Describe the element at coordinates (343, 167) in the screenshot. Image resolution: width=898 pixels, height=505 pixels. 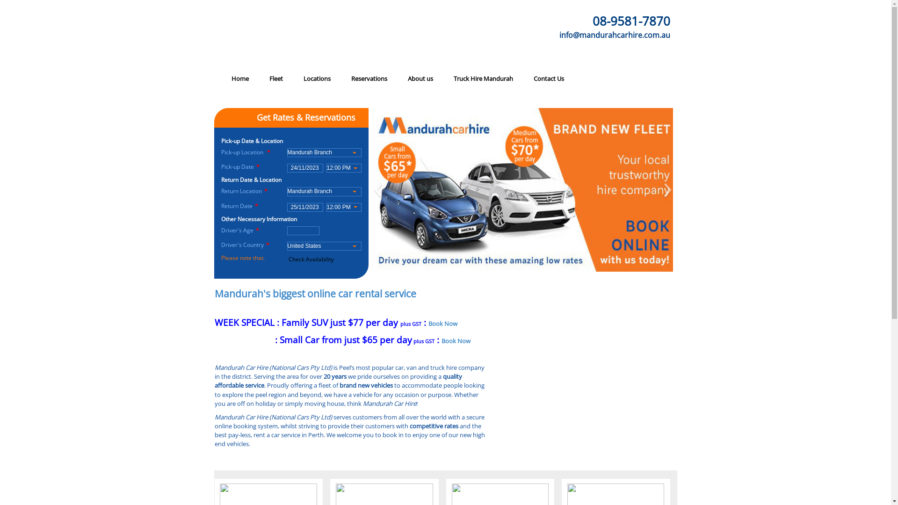
I see `'12:00 PM '` at that location.